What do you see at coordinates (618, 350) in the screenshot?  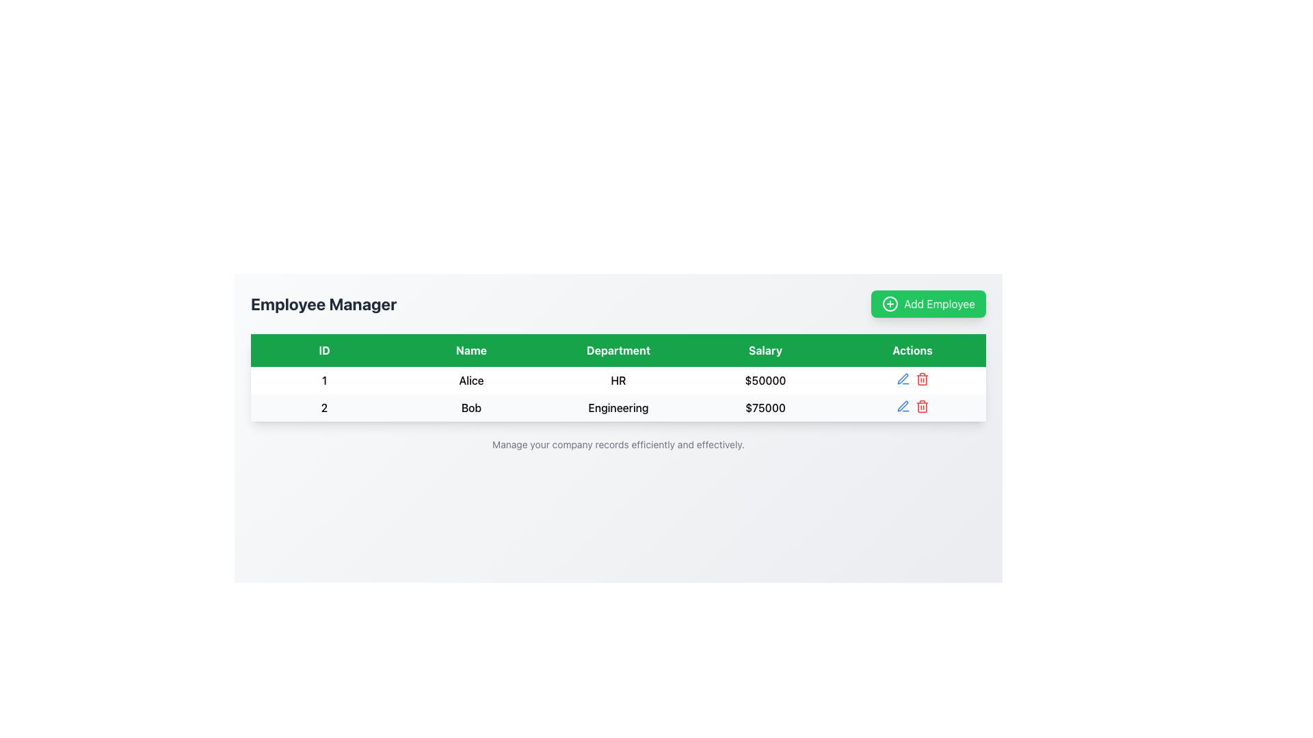 I see `text from the Table Header located below the title 'Employee Manager', which labels the columns of the table` at bounding box center [618, 350].